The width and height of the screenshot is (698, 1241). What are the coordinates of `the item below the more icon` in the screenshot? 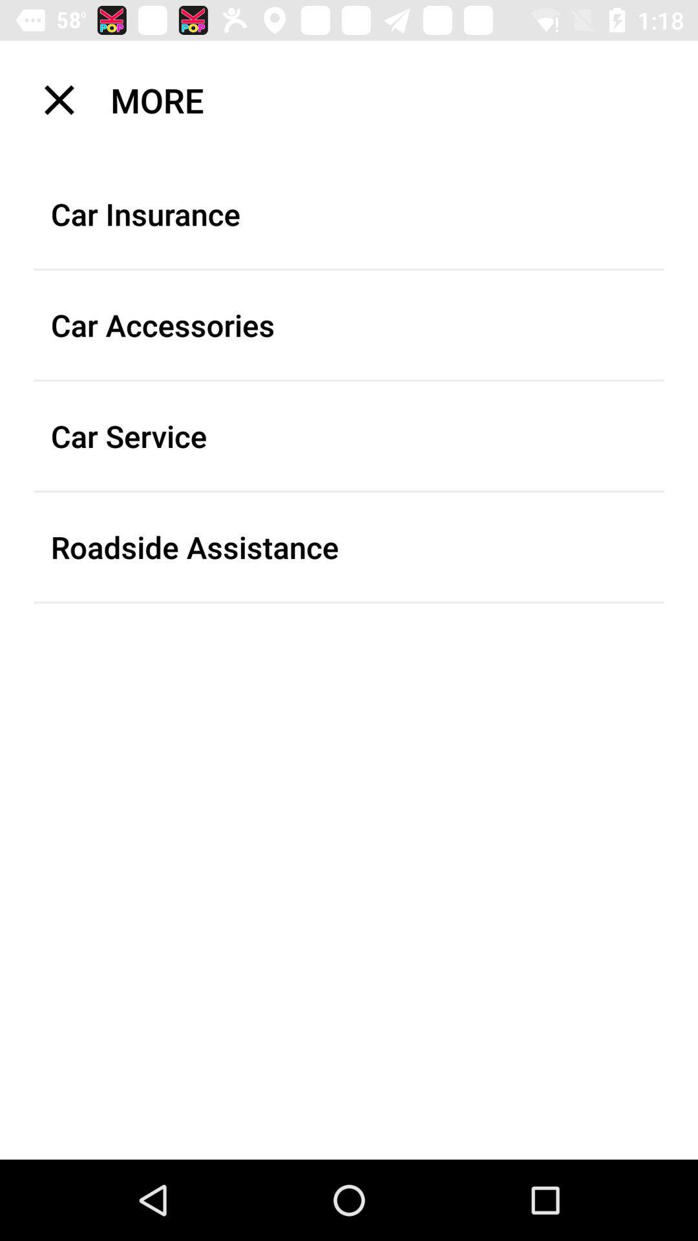 It's located at (349, 214).